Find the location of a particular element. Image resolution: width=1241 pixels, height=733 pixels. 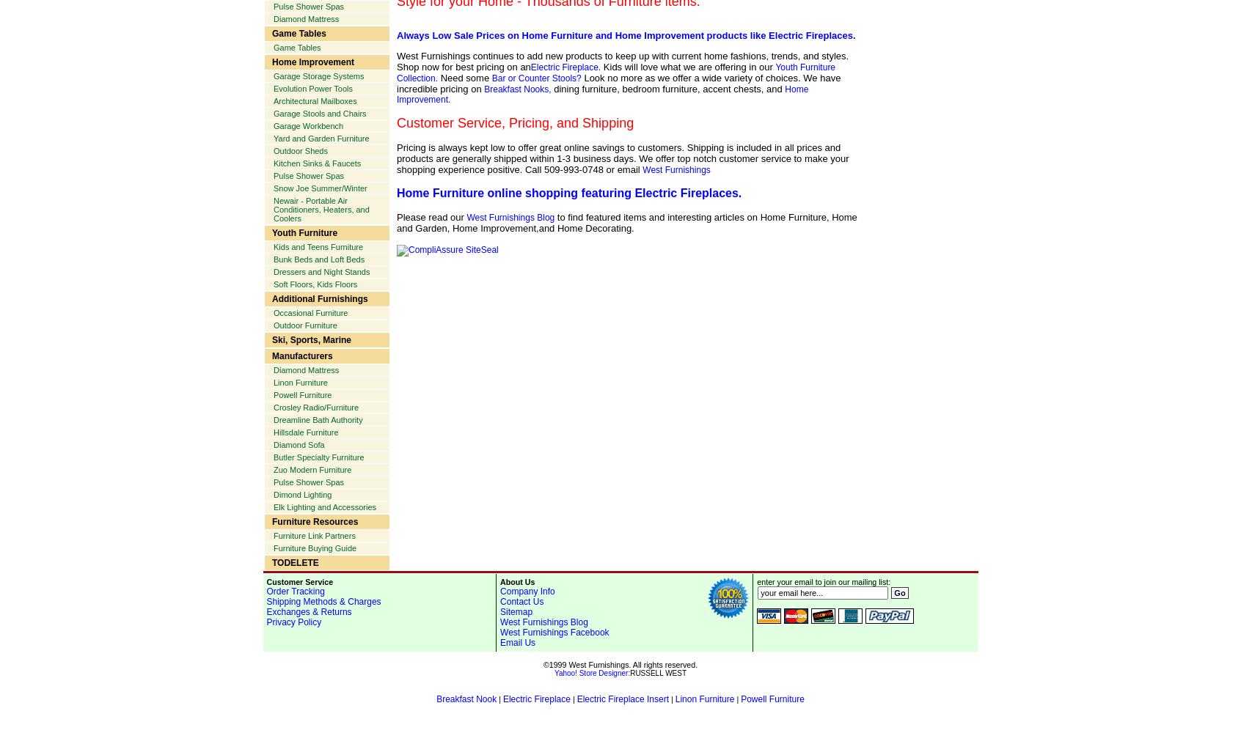

'Bar or Counter Stools?' is located at coordinates (535, 78).